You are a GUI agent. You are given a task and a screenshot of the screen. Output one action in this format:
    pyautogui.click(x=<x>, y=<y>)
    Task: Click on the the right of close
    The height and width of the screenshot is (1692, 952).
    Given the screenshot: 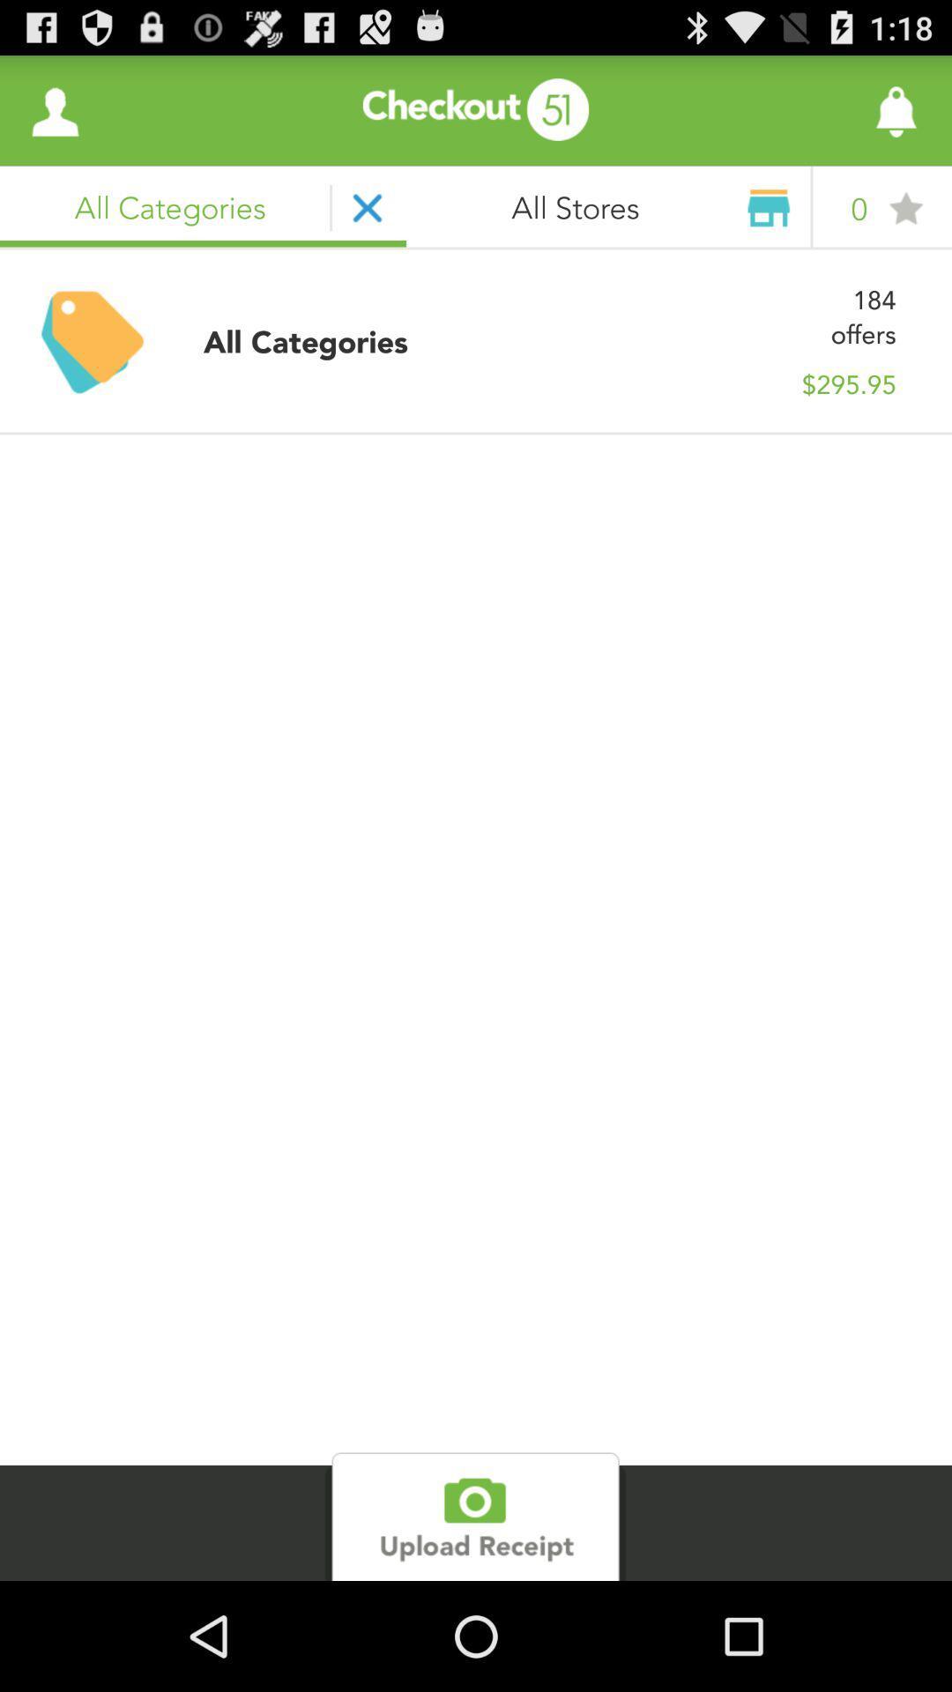 What is the action you would take?
    pyautogui.click(x=608, y=208)
    